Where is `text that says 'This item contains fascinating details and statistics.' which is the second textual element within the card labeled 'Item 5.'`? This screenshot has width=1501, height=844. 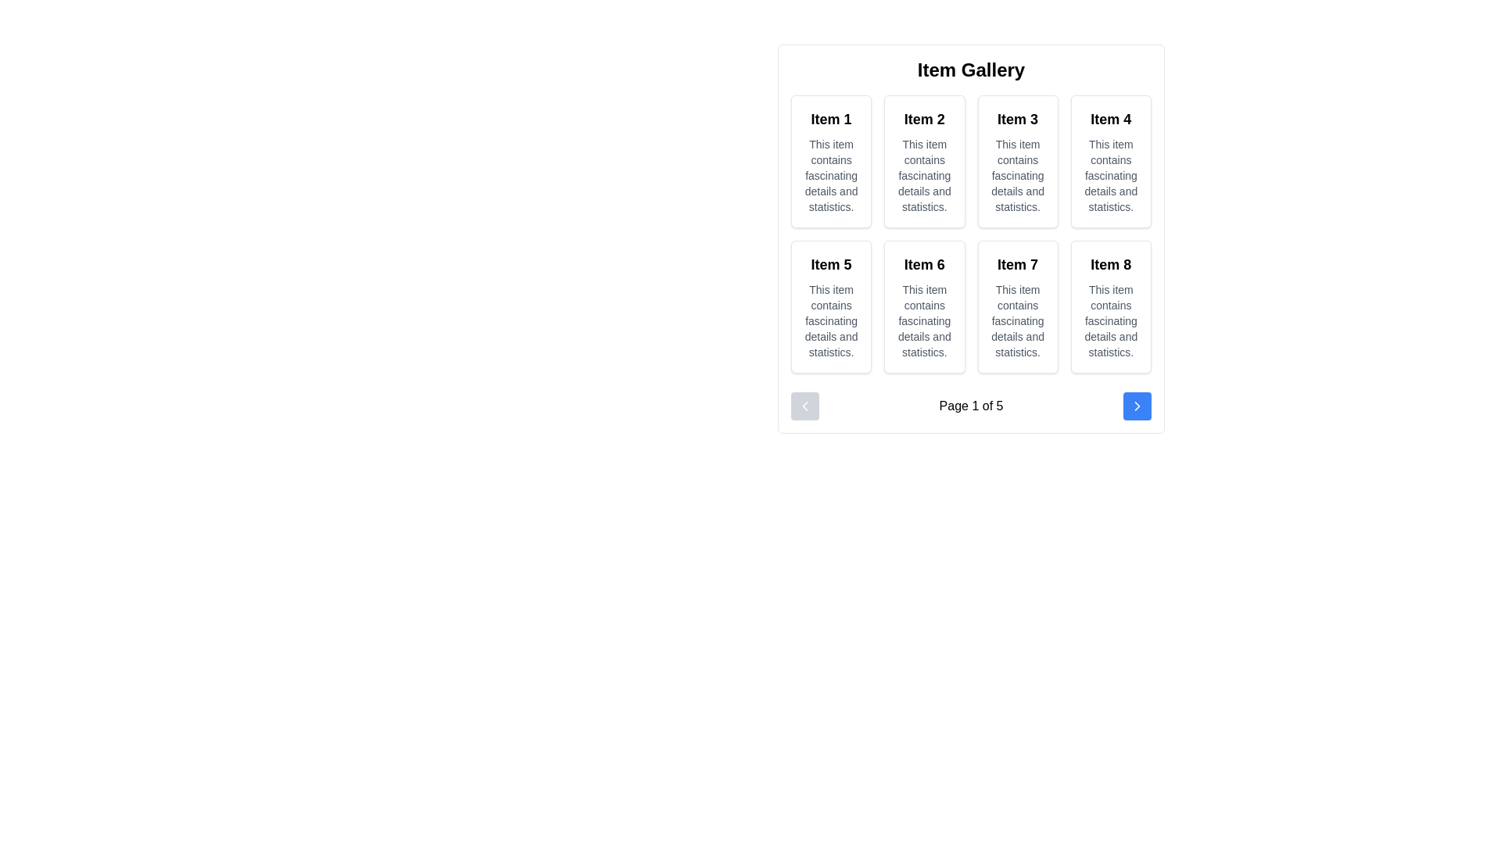 text that says 'This item contains fascinating details and statistics.' which is the second textual element within the card labeled 'Item 5.' is located at coordinates (830, 320).